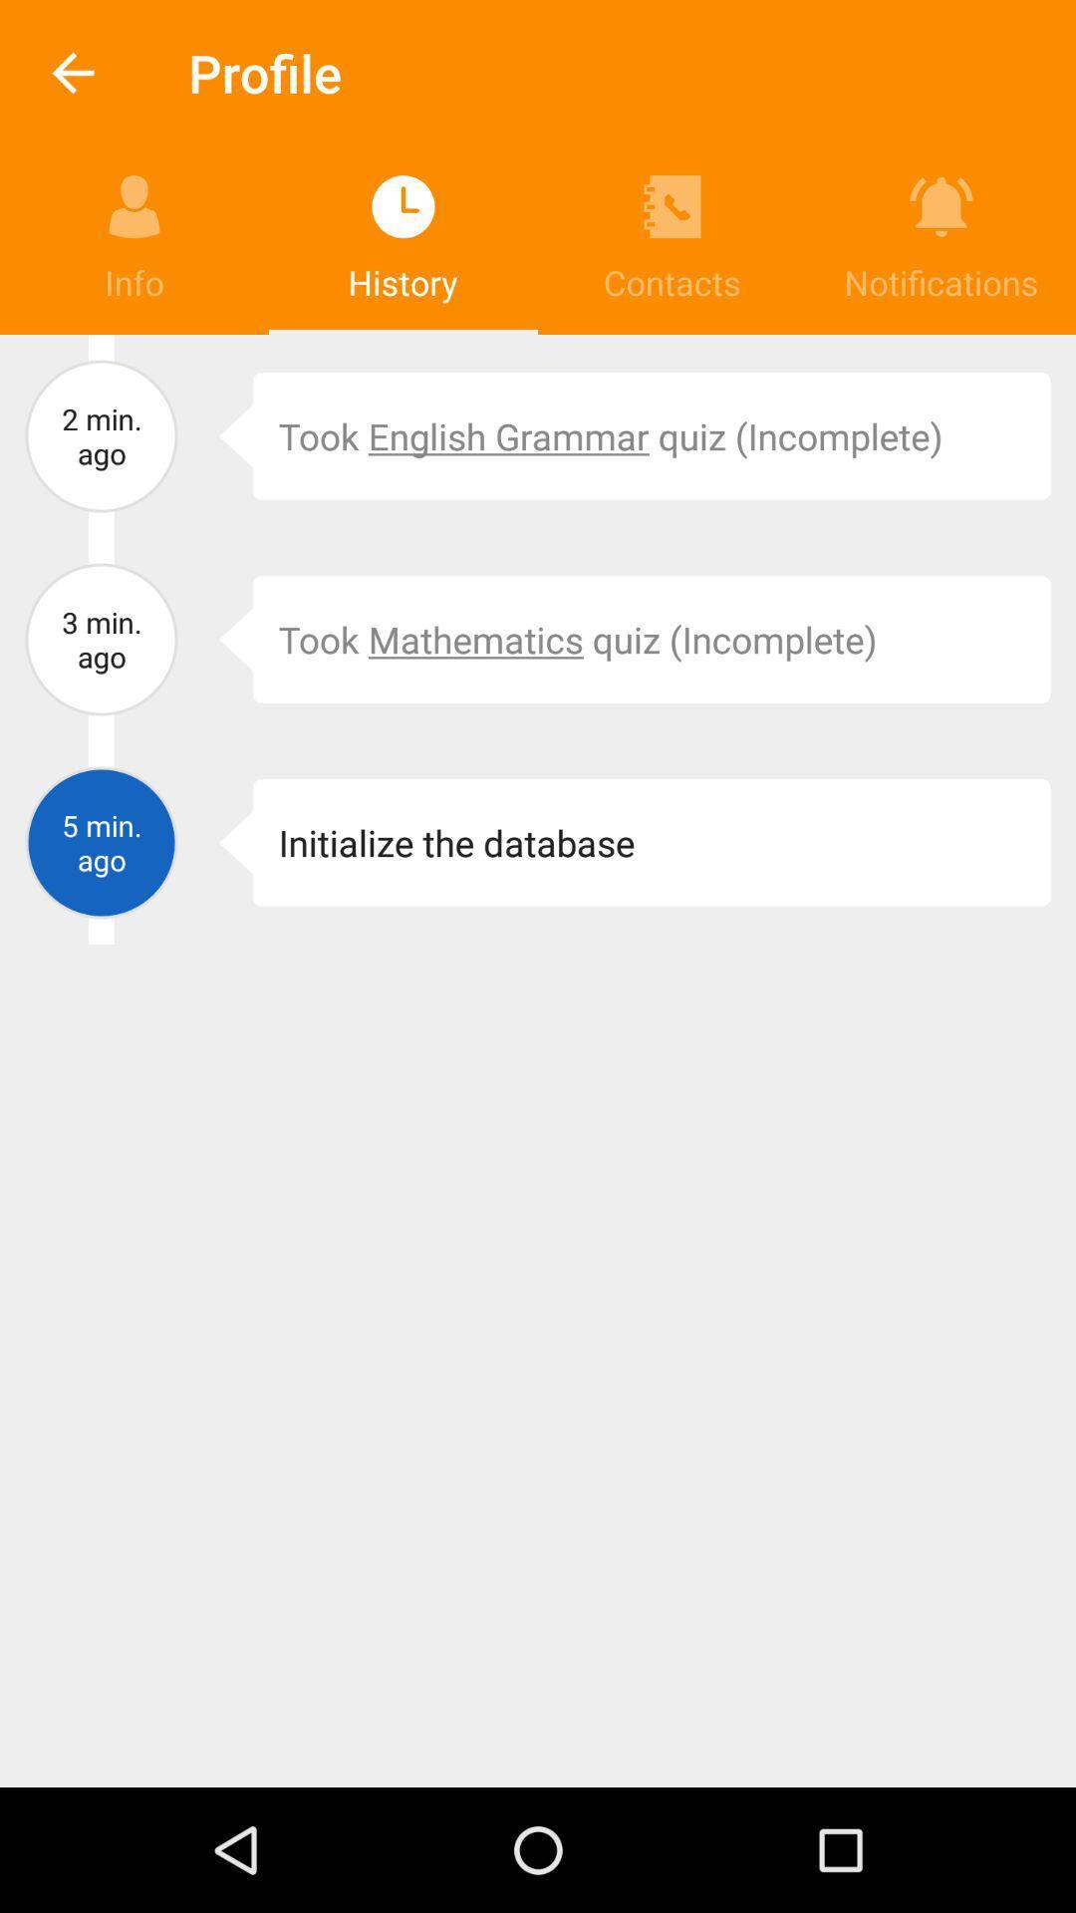  Describe the element at coordinates (221, 842) in the screenshot. I see `icon next to the initialize the database item` at that location.